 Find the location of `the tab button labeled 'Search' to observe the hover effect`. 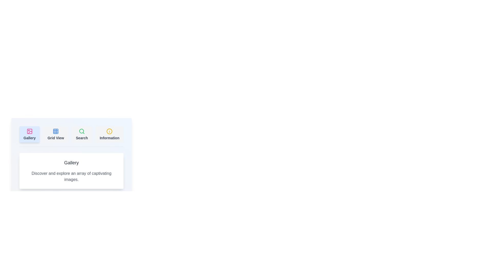

the tab button labeled 'Search' to observe the hover effect is located at coordinates (82, 134).